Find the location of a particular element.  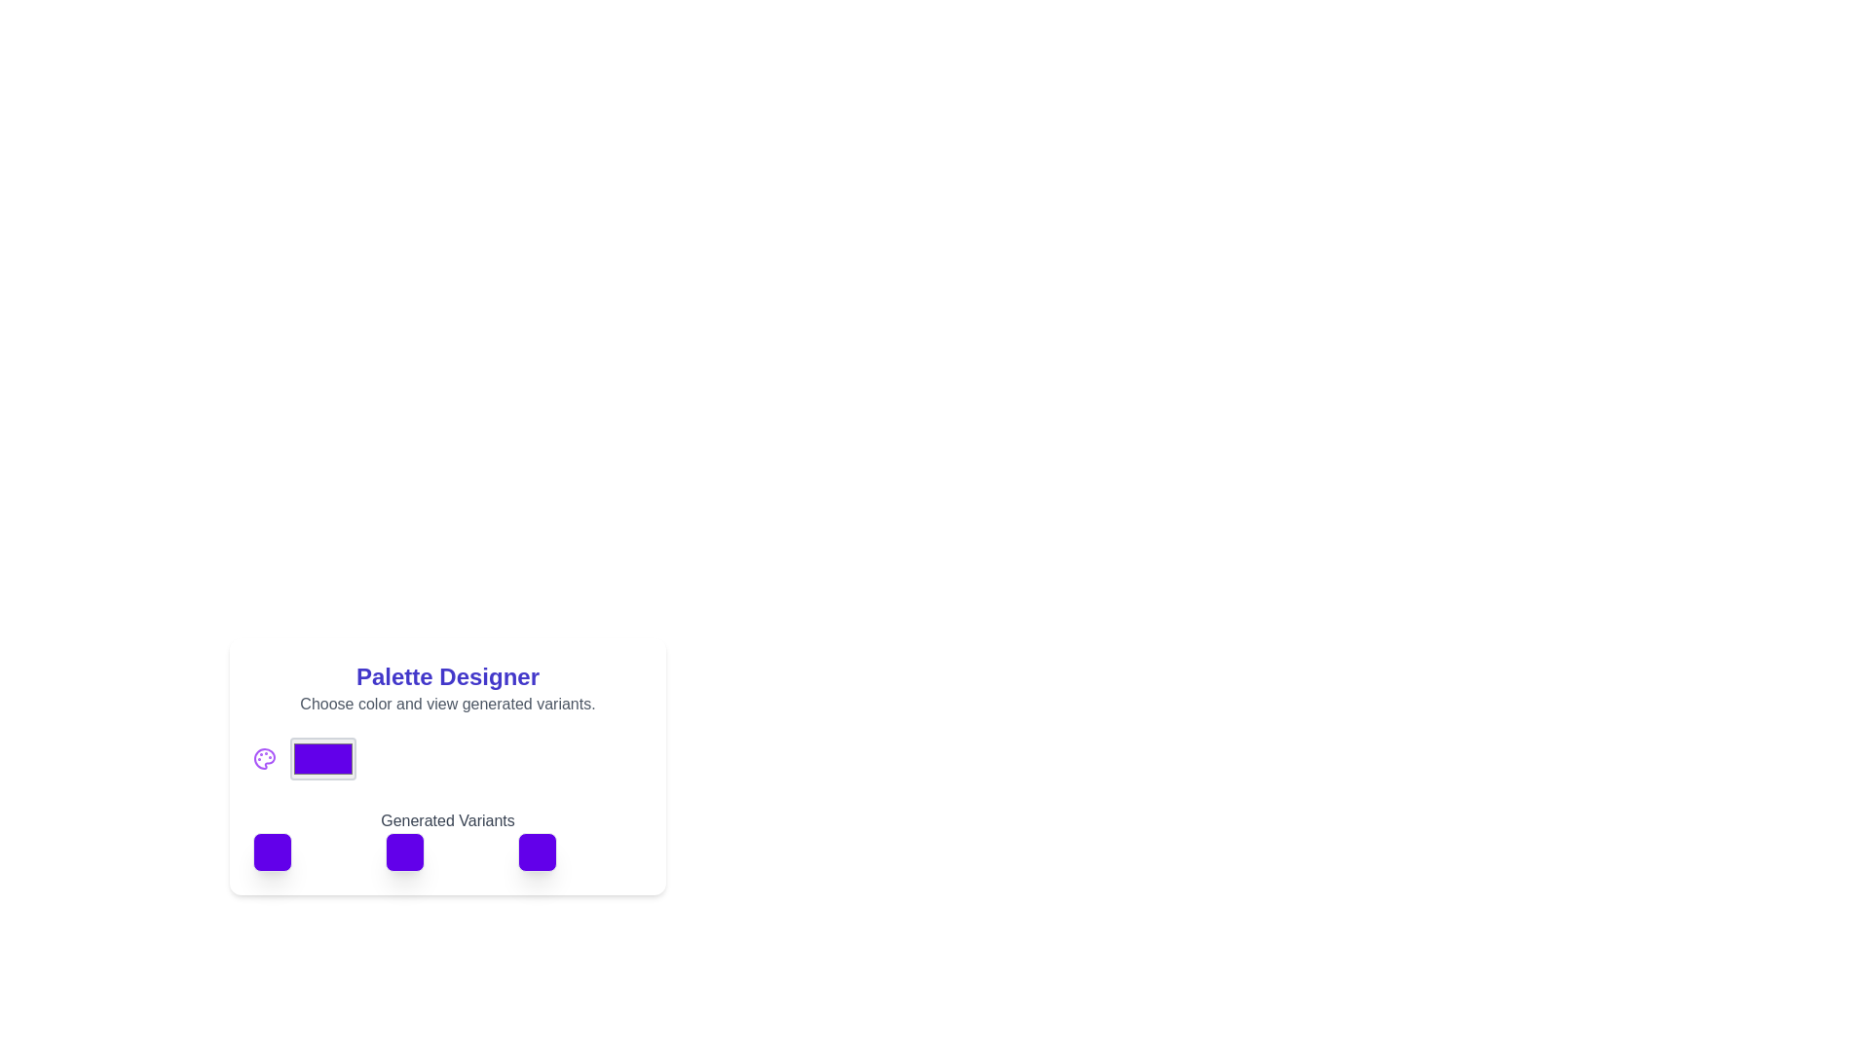

the color input field, which is located centrally in the upper-middle area of the interface is located at coordinates (322, 757).